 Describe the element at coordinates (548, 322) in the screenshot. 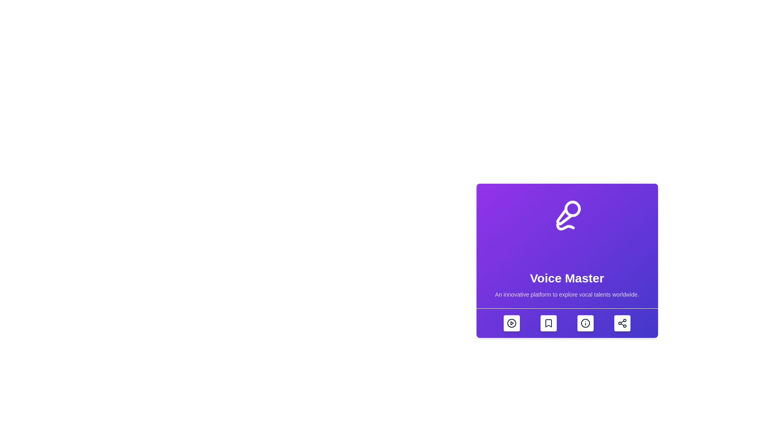

I see `the second button from the left in the horizontal set of four action buttons, which serves as the Bookmark icon` at that location.